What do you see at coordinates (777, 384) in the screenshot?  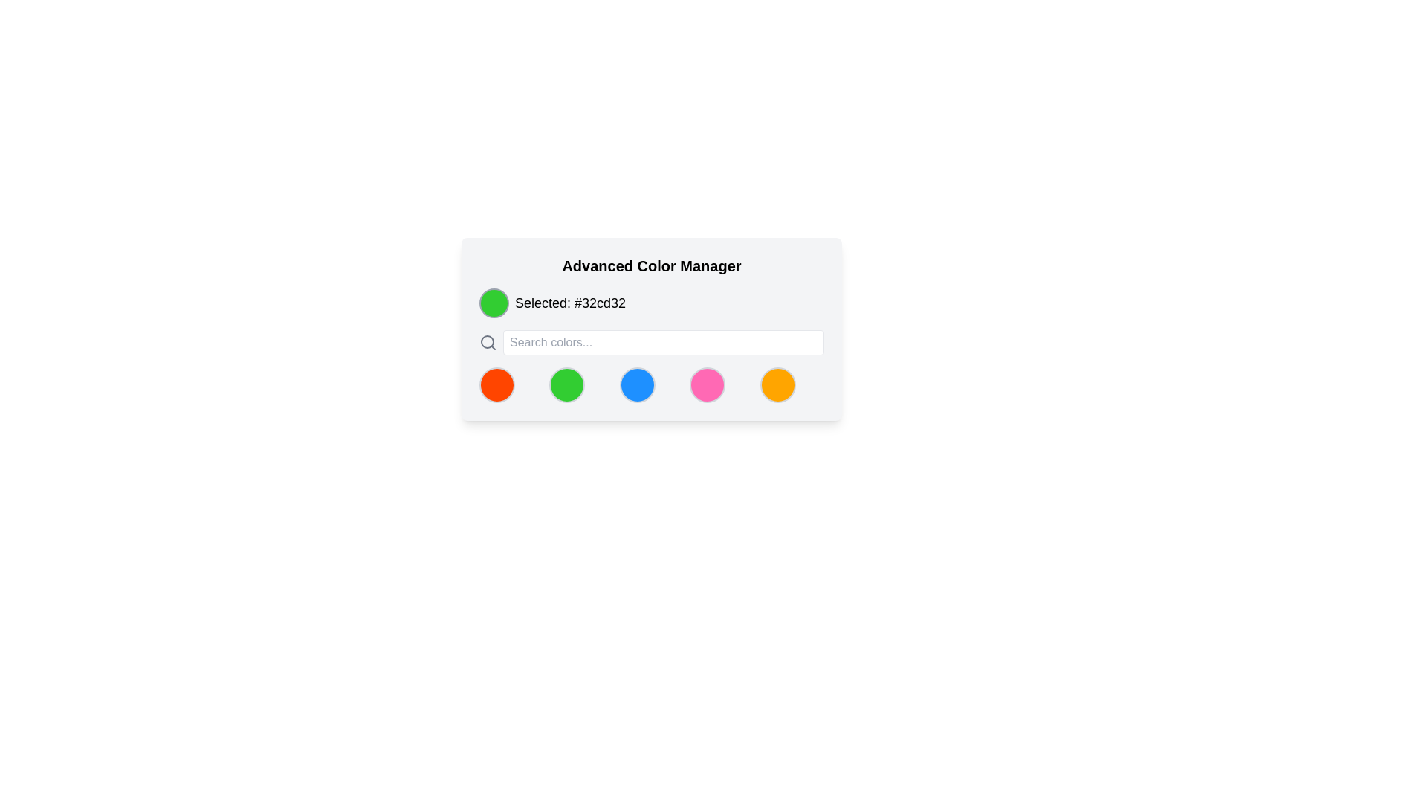 I see `the fifth circular color picker icon in the bottom-right corner of the 'Advanced Color Manager' modal to highlight it` at bounding box center [777, 384].